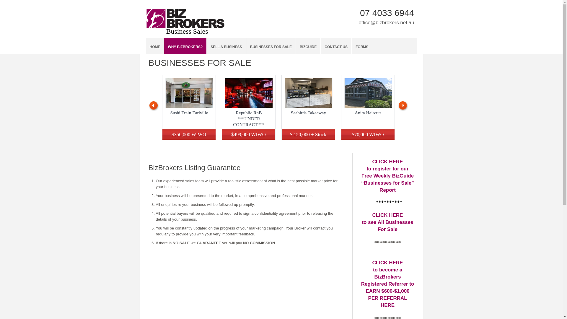 The image size is (567, 319). I want to click on 'CLICK HERE, so click(387, 222).